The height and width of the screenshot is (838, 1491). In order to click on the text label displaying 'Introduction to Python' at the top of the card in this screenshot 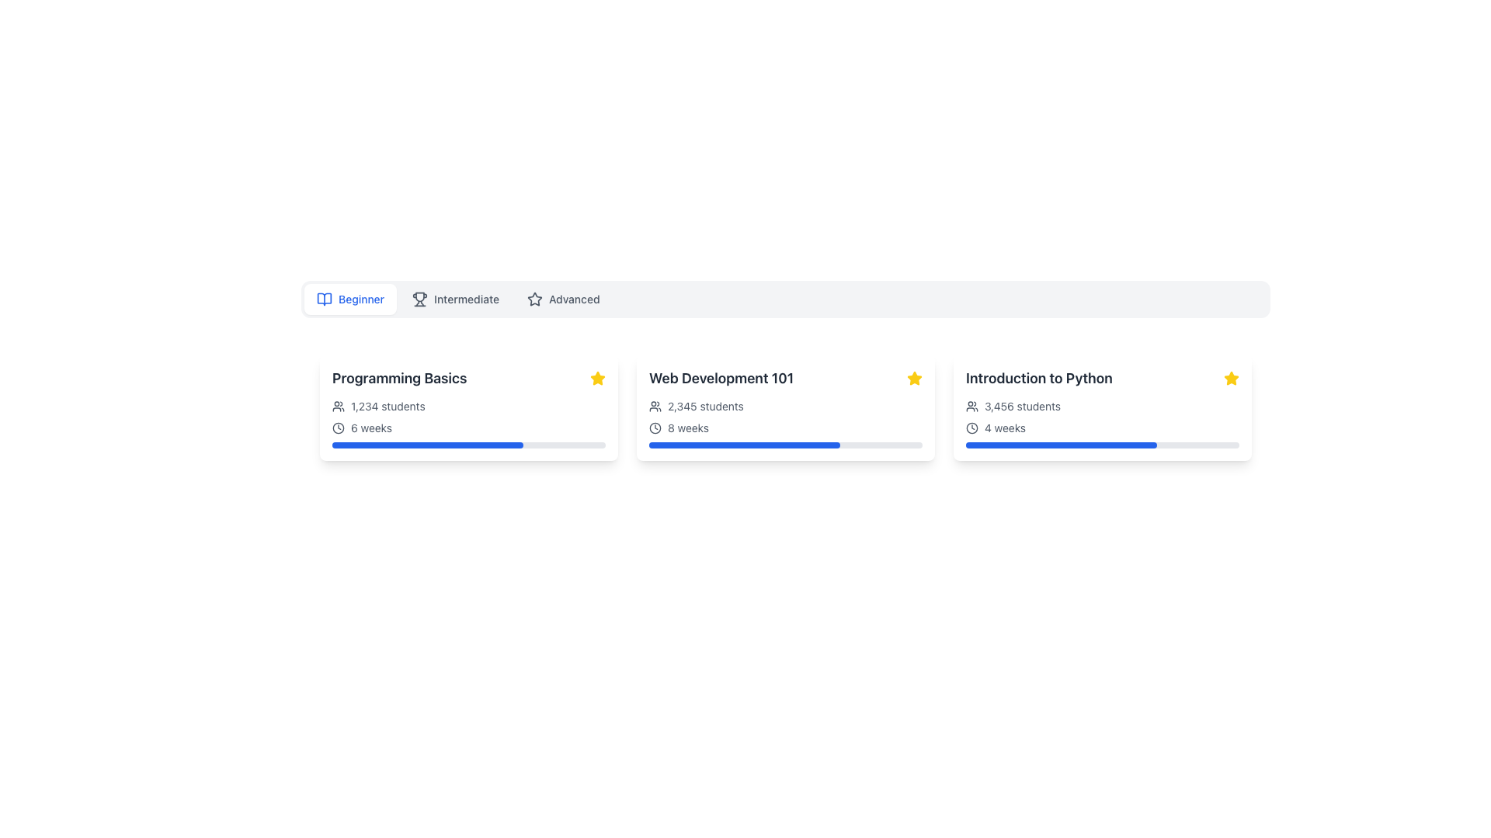, I will do `click(1039, 379)`.